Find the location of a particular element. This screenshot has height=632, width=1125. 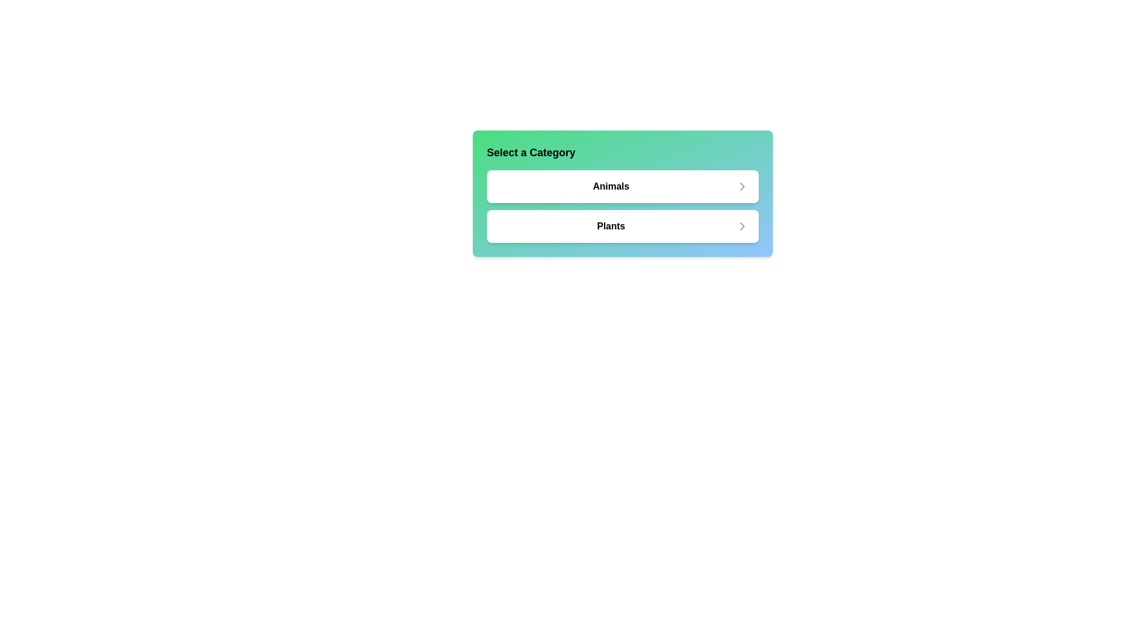

the right-pointing chevron icon located at the far right of the button labeled 'Plants' is located at coordinates (742, 226).